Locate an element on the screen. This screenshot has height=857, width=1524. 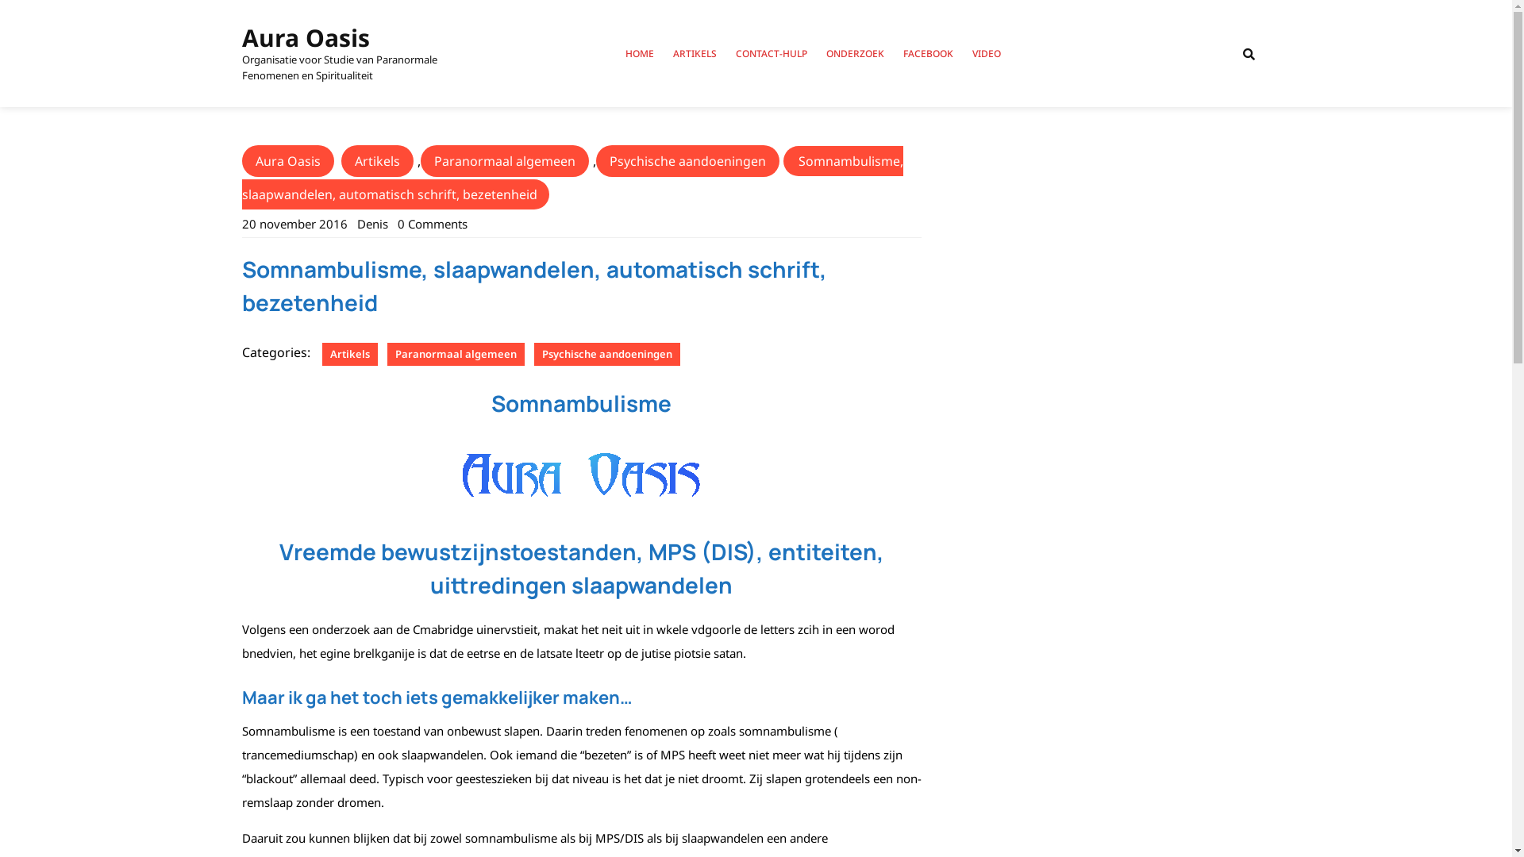
'20 november 2016 is located at coordinates (240, 223).